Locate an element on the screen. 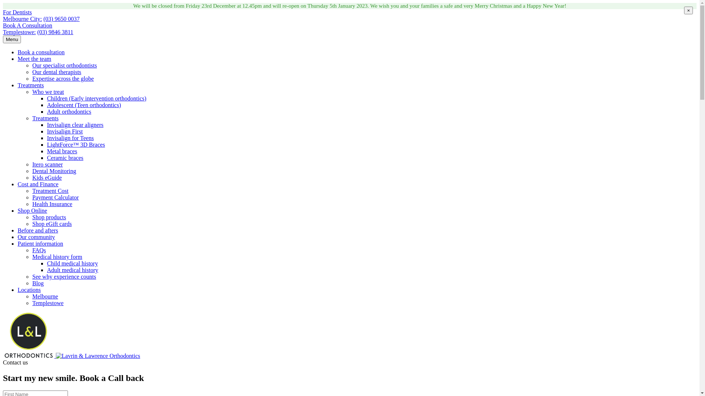  'Kids eGuide' is located at coordinates (47, 177).